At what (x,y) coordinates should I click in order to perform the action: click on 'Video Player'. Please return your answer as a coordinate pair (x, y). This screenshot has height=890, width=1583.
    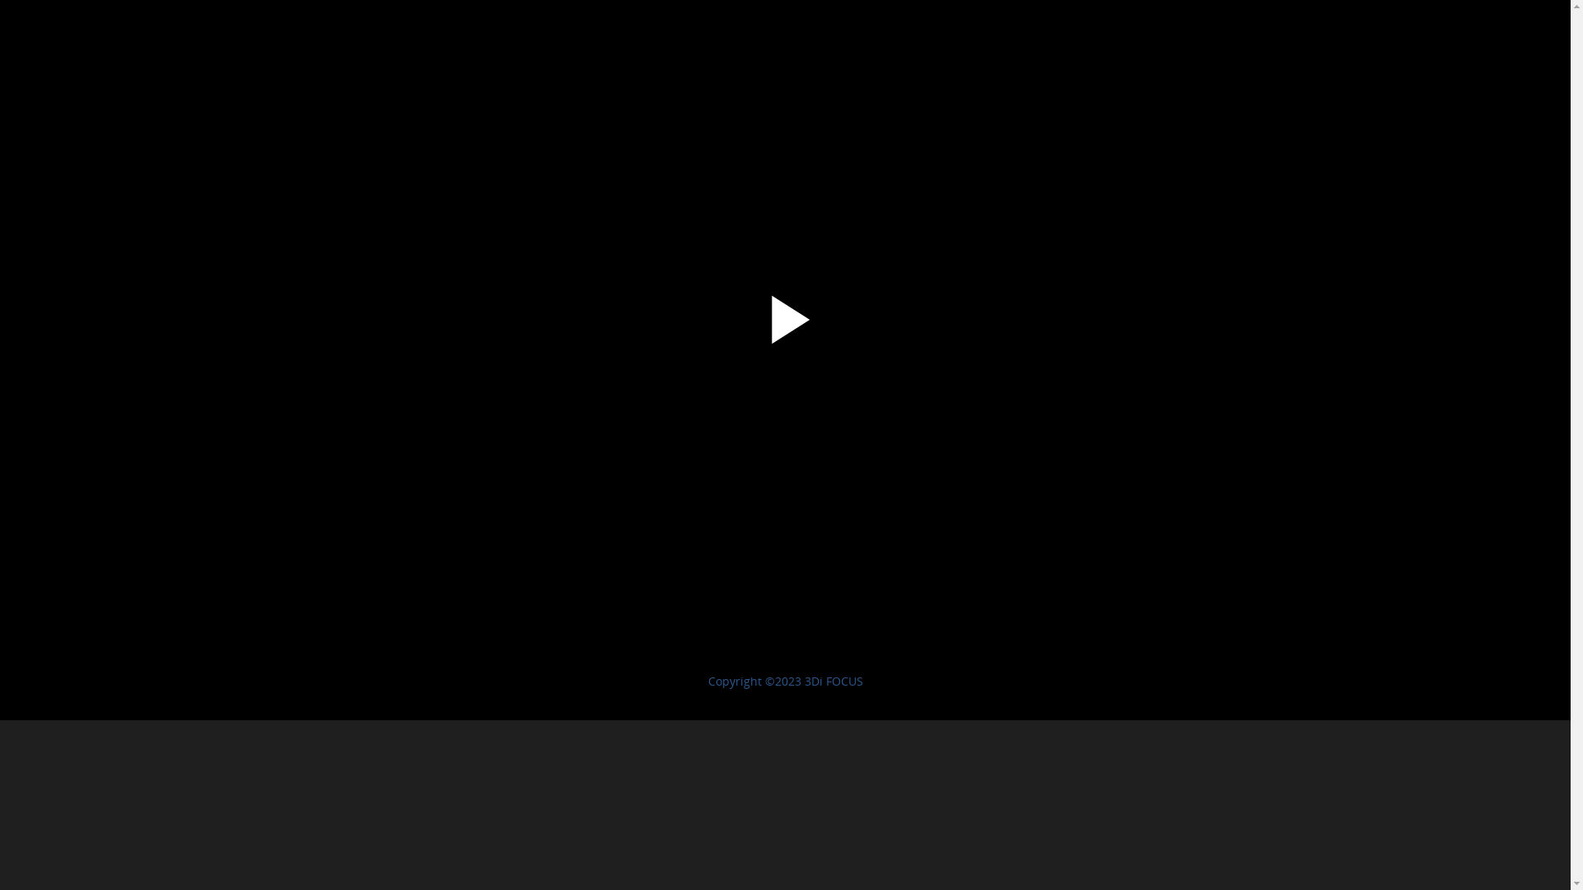
    Looking at the image, I should click on (784, 343).